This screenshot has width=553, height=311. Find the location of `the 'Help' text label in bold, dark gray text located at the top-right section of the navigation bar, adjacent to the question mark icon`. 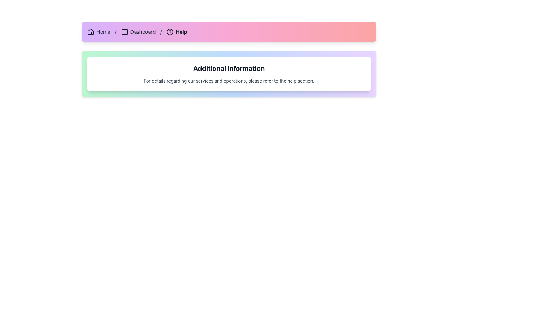

the 'Help' text label in bold, dark gray text located at the top-right section of the navigation bar, adjacent to the question mark icon is located at coordinates (181, 32).